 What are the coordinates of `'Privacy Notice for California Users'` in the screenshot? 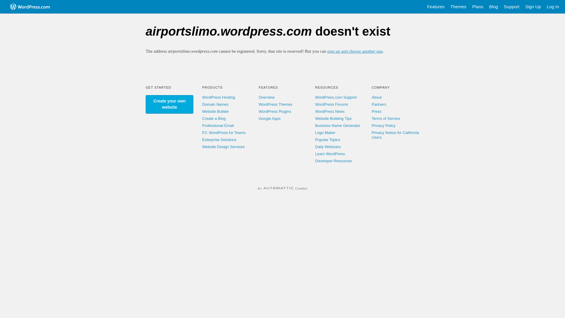 It's located at (395, 135).